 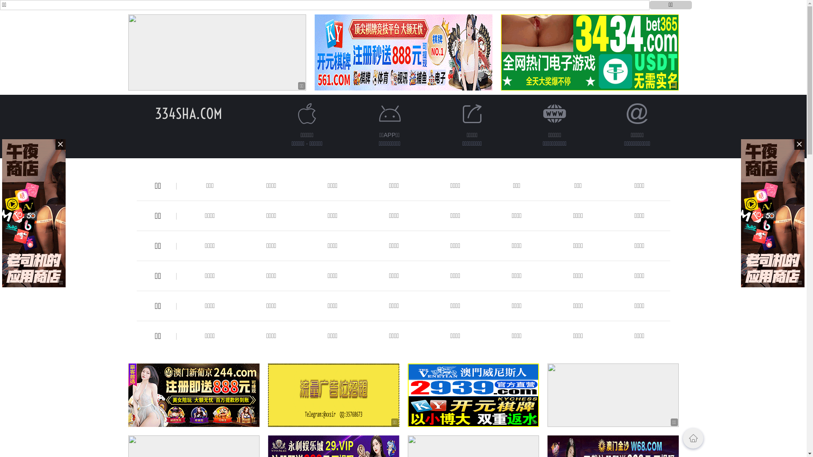 I want to click on '334SHA.COM', so click(x=155, y=113).